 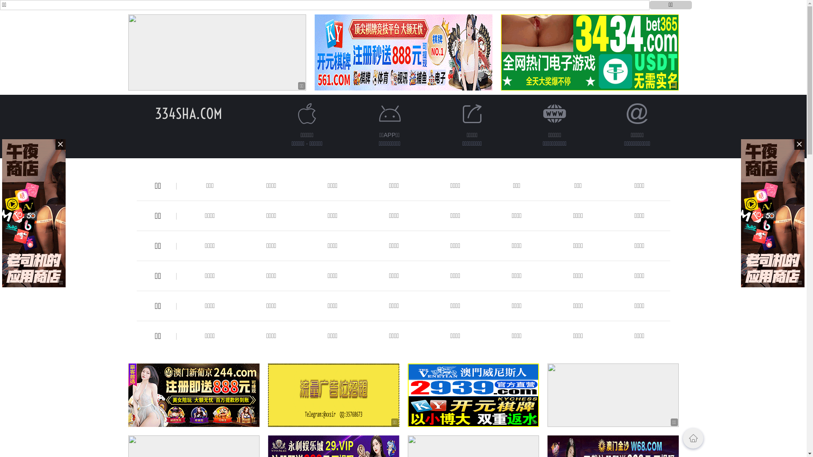 I want to click on '334SHA.COM', so click(x=155, y=113).